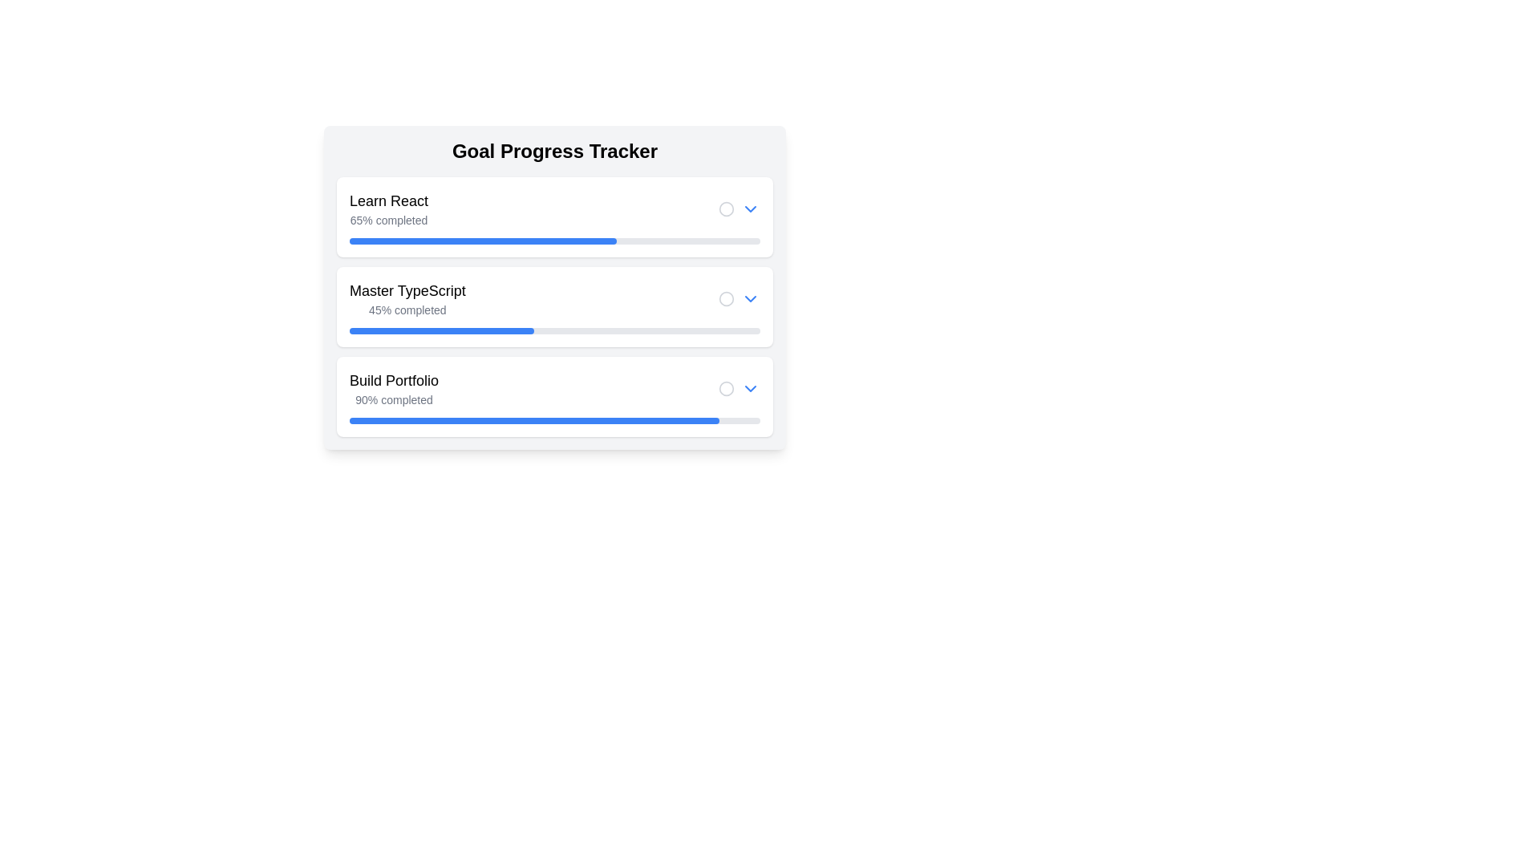 This screenshot has width=1540, height=866. What do you see at coordinates (554, 216) in the screenshot?
I see `the first Card component in the Goal Progress Tracker` at bounding box center [554, 216].